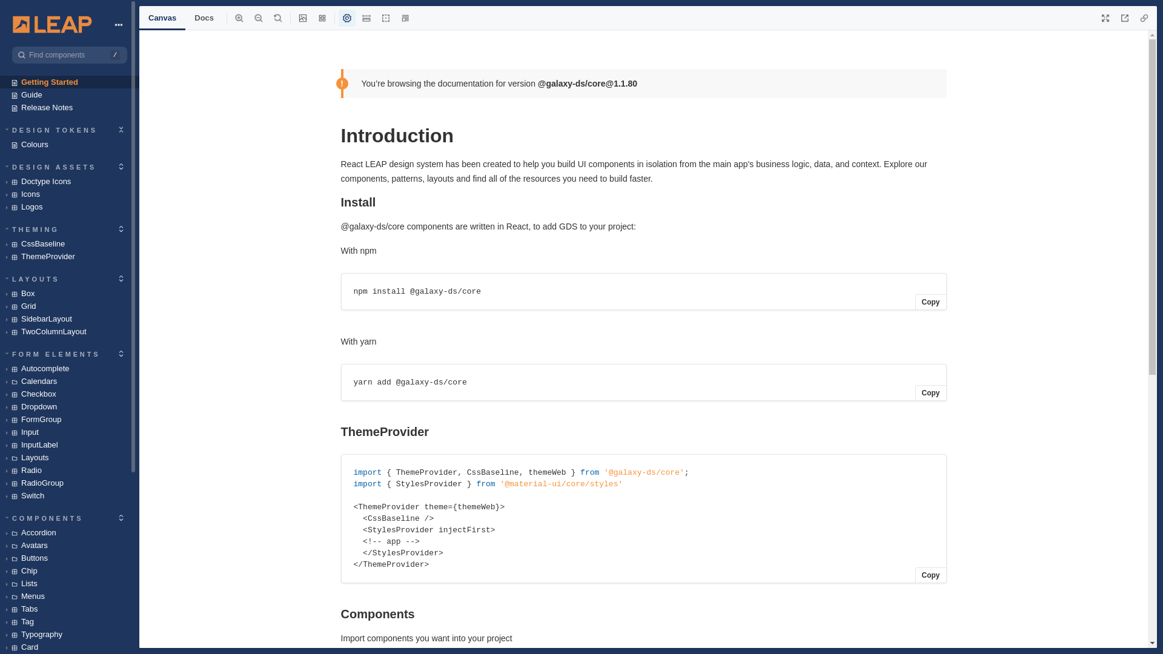 Image resolution: width=1163 pixels, height=654 pixels. I want to click on 'Radio', so click(69, 469).